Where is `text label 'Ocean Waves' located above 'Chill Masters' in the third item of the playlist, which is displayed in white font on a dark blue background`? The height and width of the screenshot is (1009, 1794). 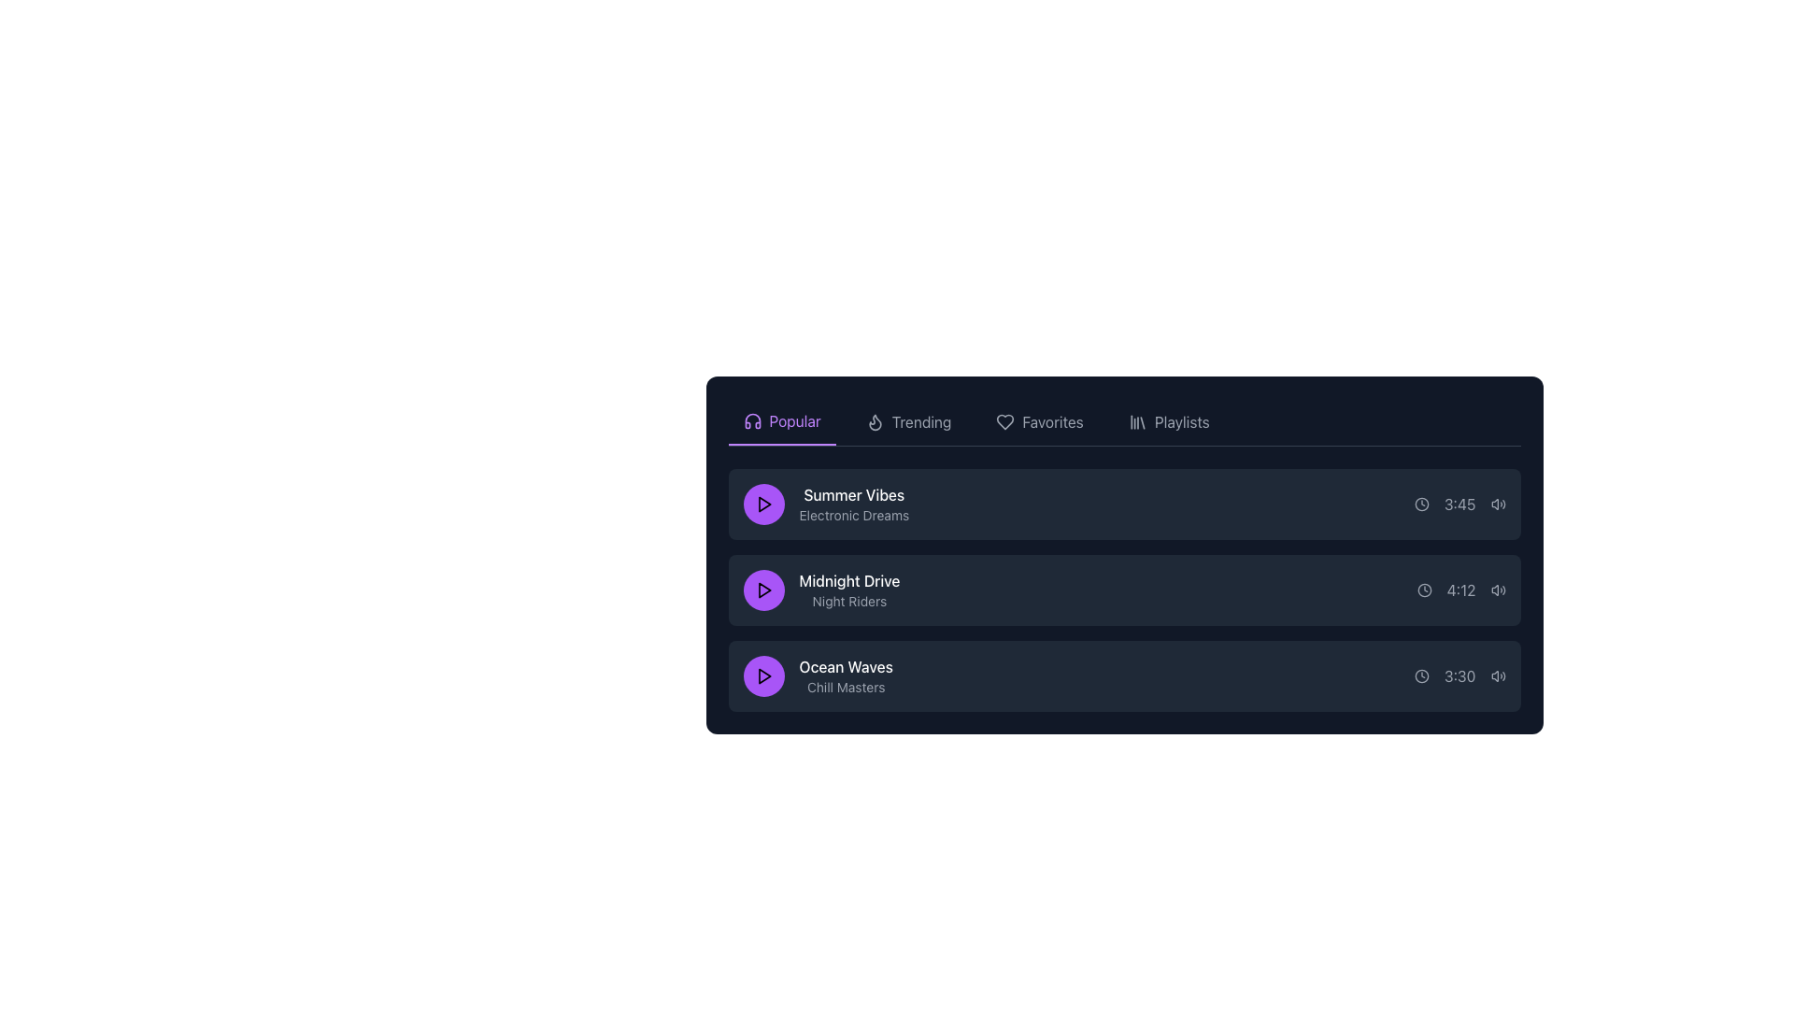
text label 'Ocean Waves' located above 'Chill Masters' in the third item of the playlist, which is displayed in white font on a dark blue background is located at coordinates (845, 665).